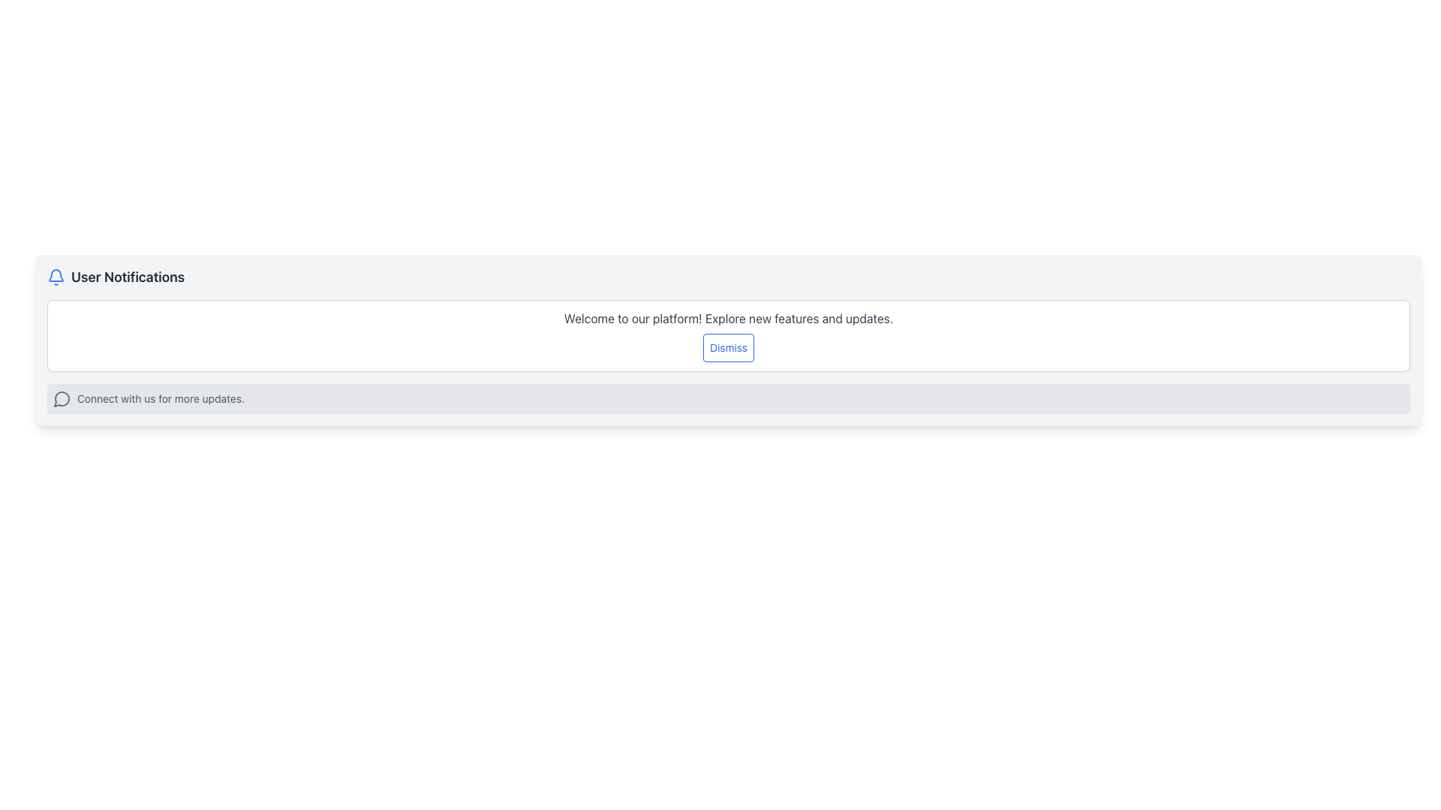 Image resolution: width=1441 pixels, height=810 pixels. I want to click on the blue bell icon located to the left of the 'User Notifications' text, so click(56, 277).